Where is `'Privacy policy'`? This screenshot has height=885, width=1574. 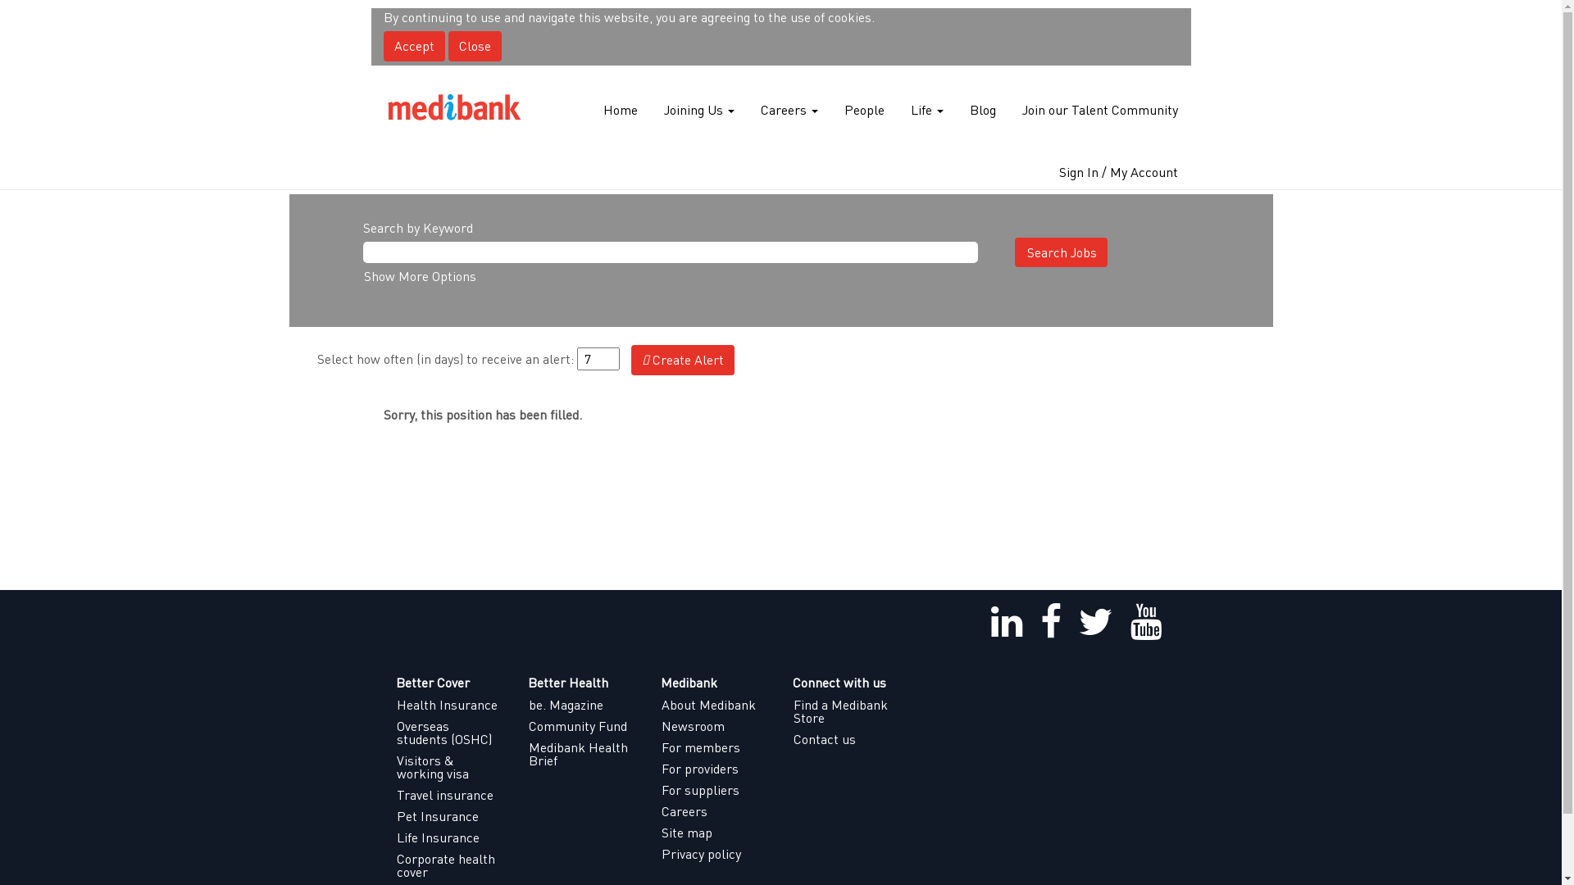 'Privacy policy' is located at coordinates (661, 852).